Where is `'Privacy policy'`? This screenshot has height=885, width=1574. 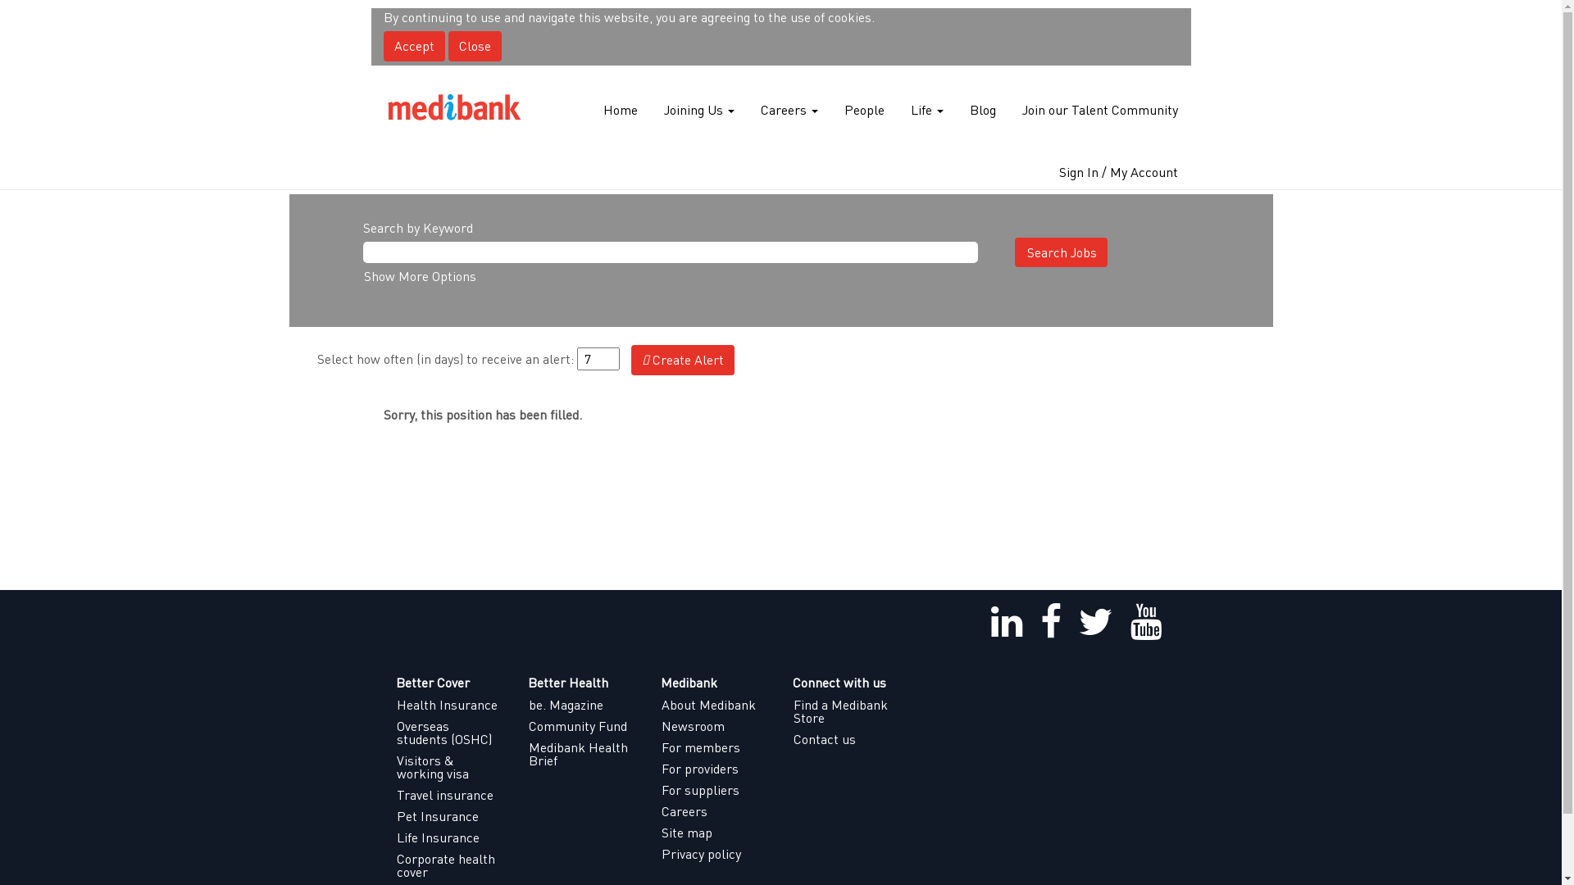 'Privacy policy' is located at coordinates (661, 852).